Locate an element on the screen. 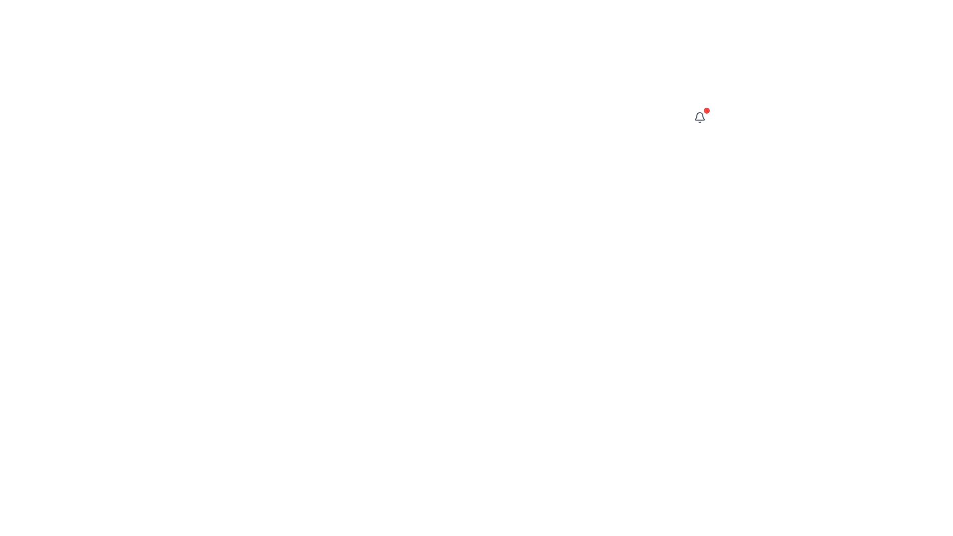  the small red notification badge located at the top-right of the bell icon is located at coordinates (699, 117).